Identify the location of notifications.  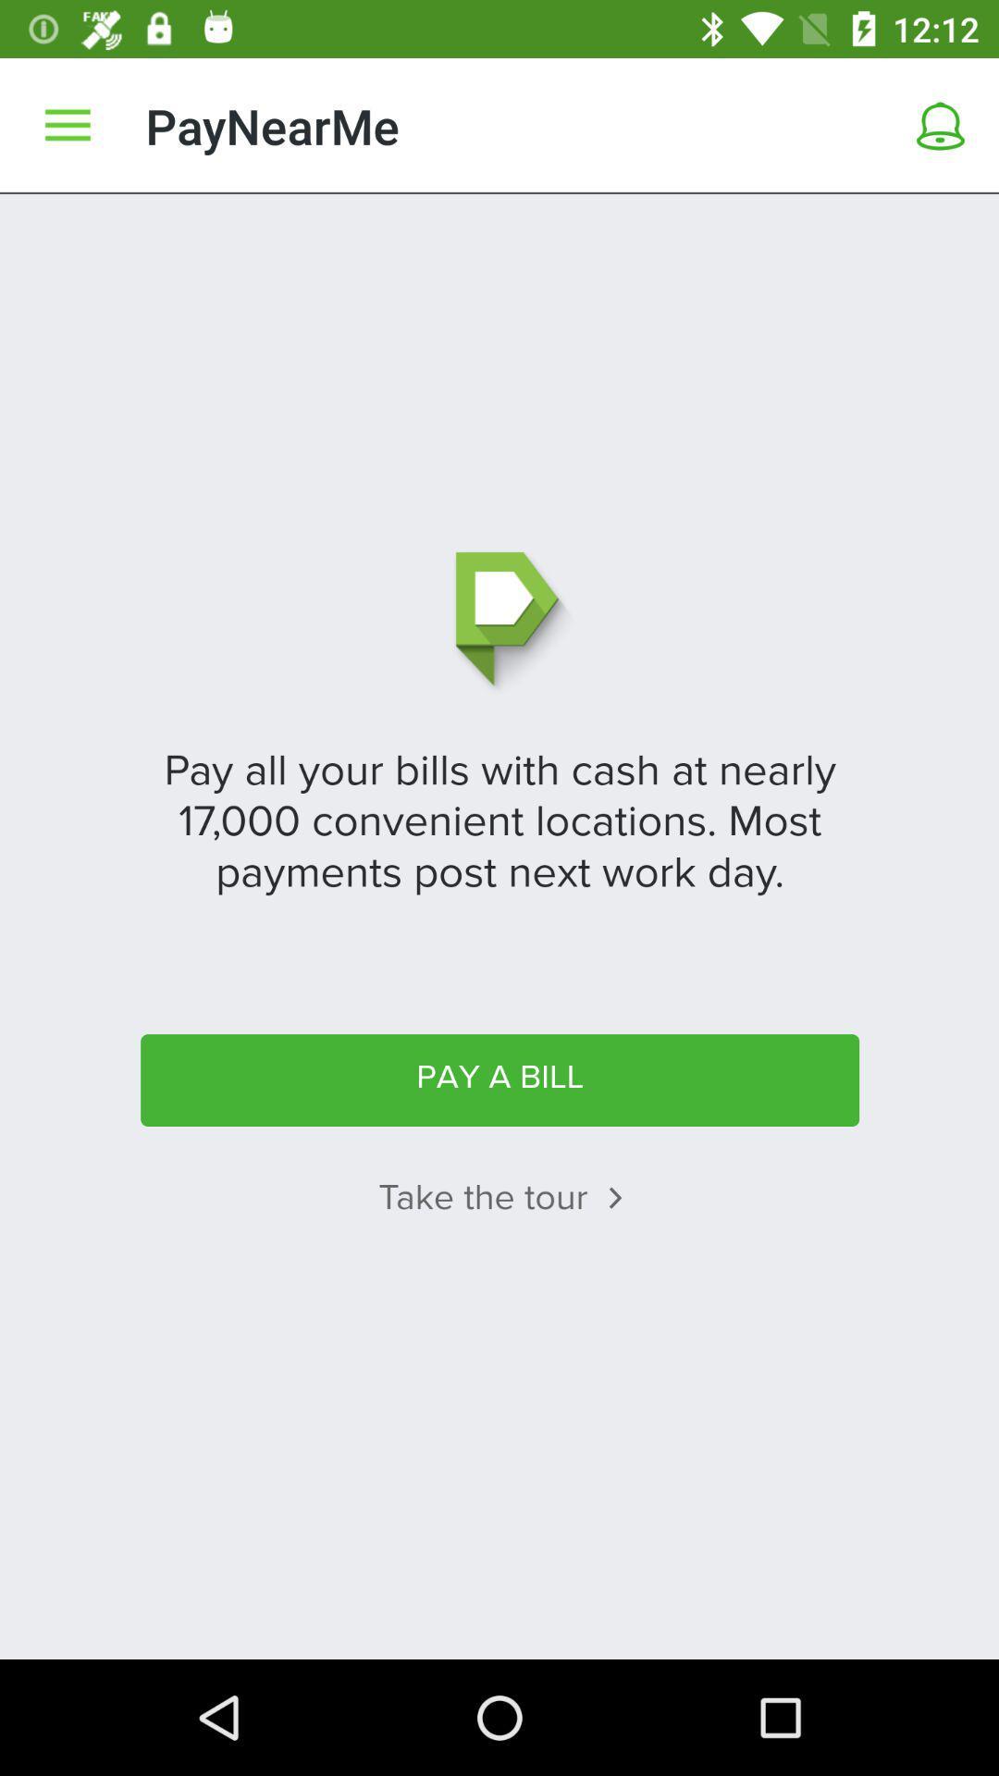
(941, 125).